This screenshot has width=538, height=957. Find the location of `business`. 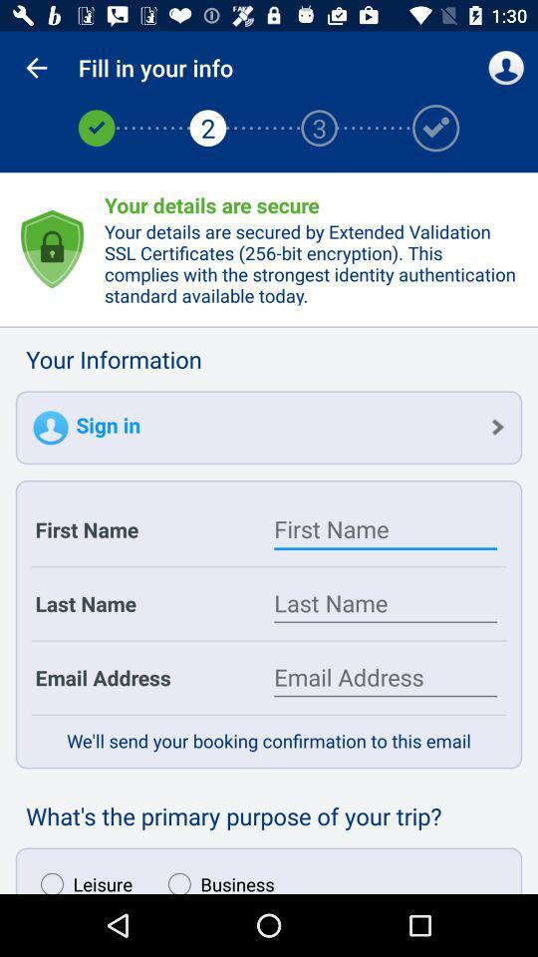

business is located at coordinates (215, 877).